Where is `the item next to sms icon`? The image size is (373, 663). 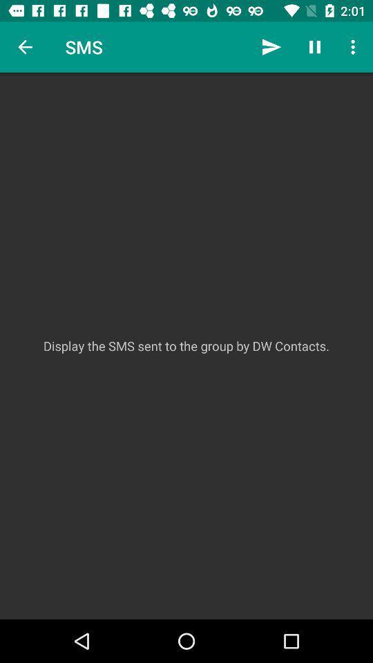
the item next to sms icon is located at coordinates (271, 47).